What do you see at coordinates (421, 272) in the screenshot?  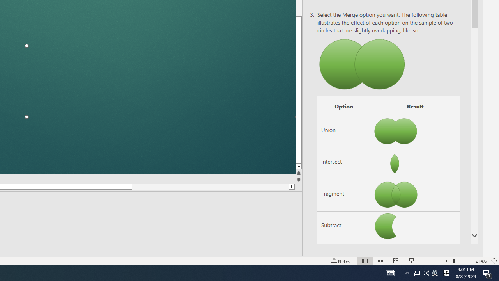 I see `'Tray Input Indicator - Chinese (Simplified, China)'` at bounding box center [421, 272].